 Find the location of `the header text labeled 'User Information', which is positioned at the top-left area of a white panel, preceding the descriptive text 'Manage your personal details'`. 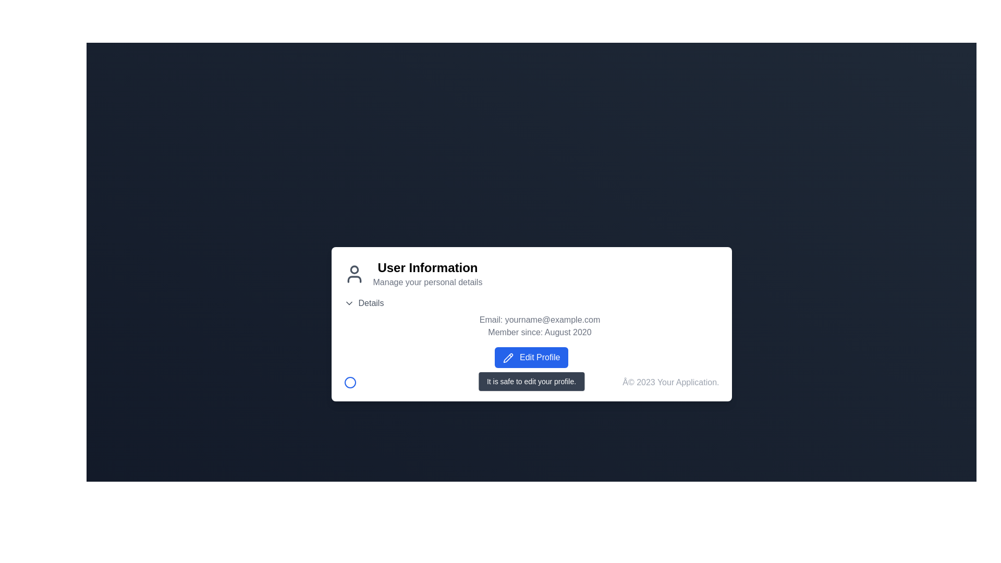

the header text labeled 'User Information', which is positioned at the top-left area of a white panel, preceding the descriptive text 'Manage your personal details' is located at coordinates (428, 267).